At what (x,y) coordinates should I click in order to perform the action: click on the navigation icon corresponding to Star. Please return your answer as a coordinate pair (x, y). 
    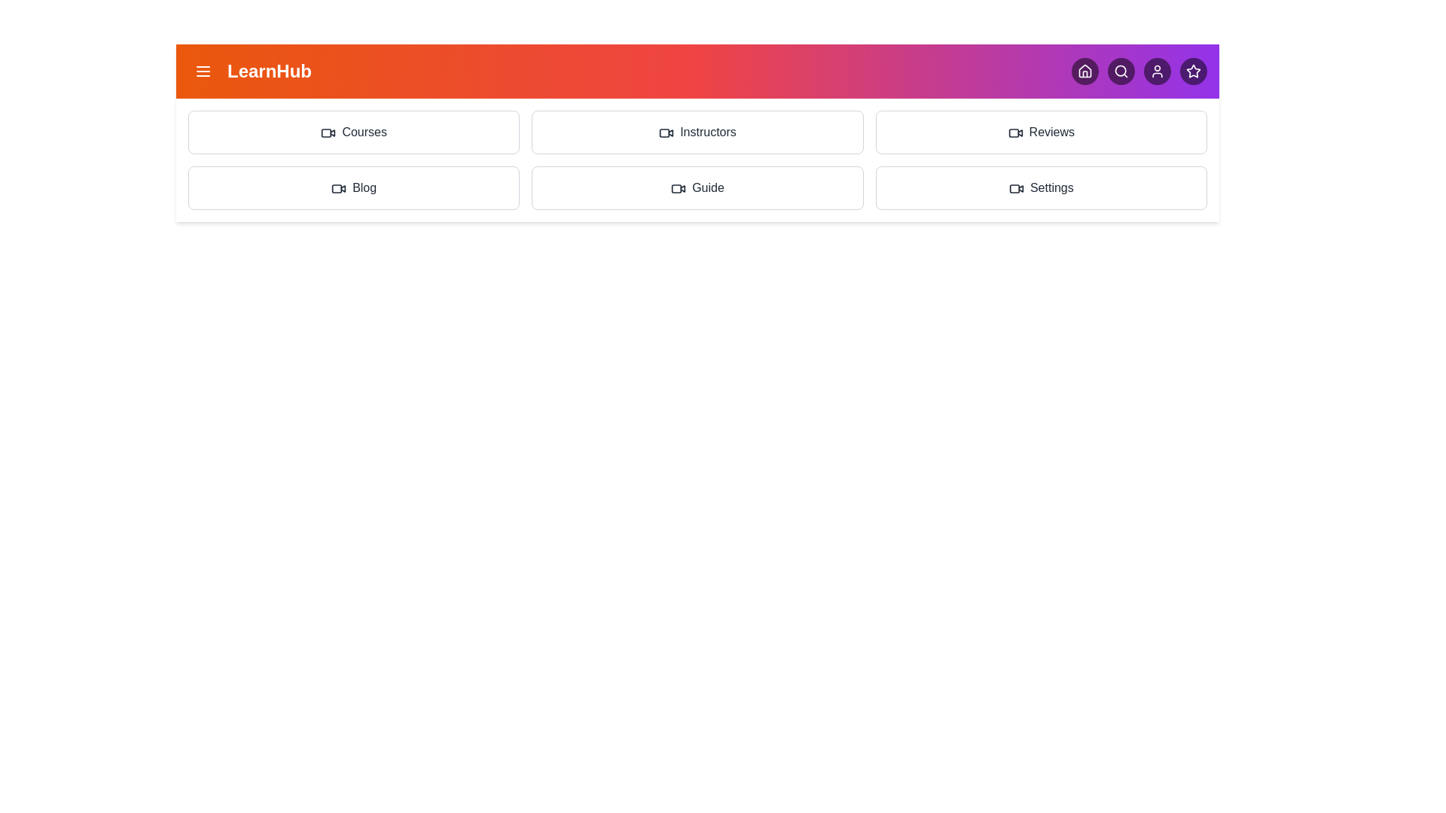
    Looking at the image, I should click on (1192, 72).